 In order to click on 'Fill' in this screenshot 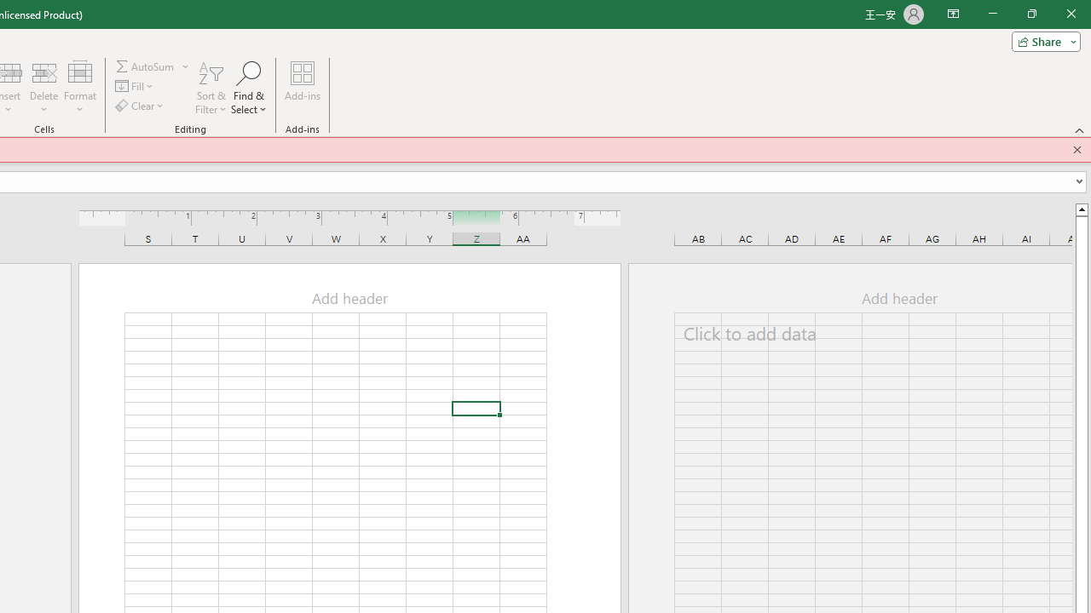, I will do `click(135, 86)`.